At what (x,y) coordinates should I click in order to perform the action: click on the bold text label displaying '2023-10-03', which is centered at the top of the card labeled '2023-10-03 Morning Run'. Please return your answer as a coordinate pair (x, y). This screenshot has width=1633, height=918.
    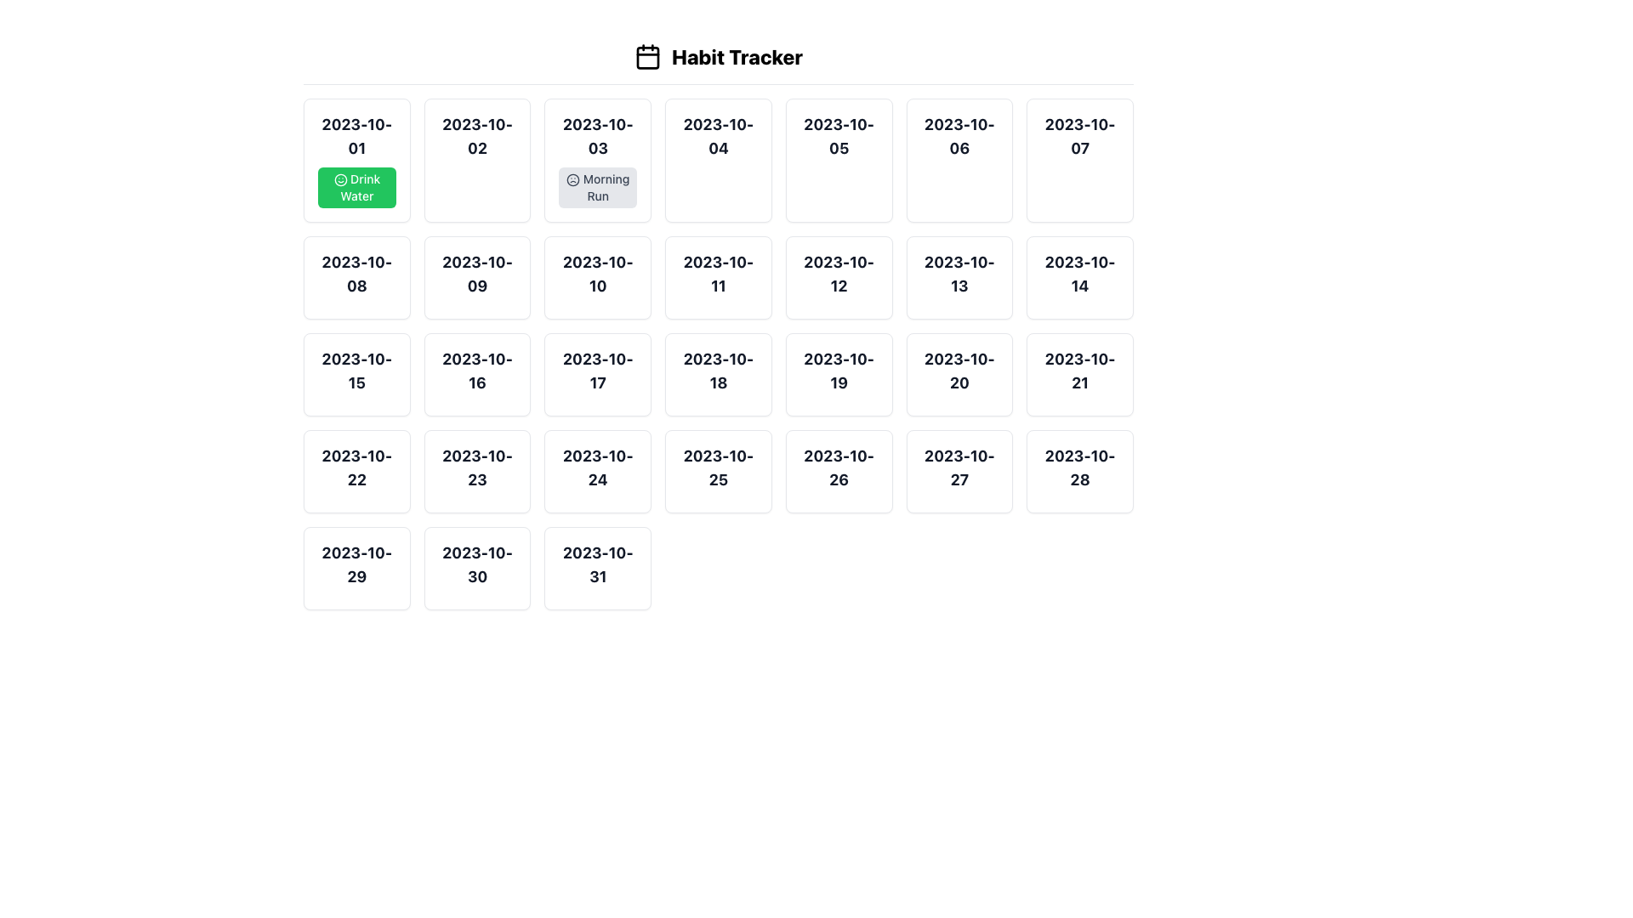
    Looking at the image, I should click on (598, 136).